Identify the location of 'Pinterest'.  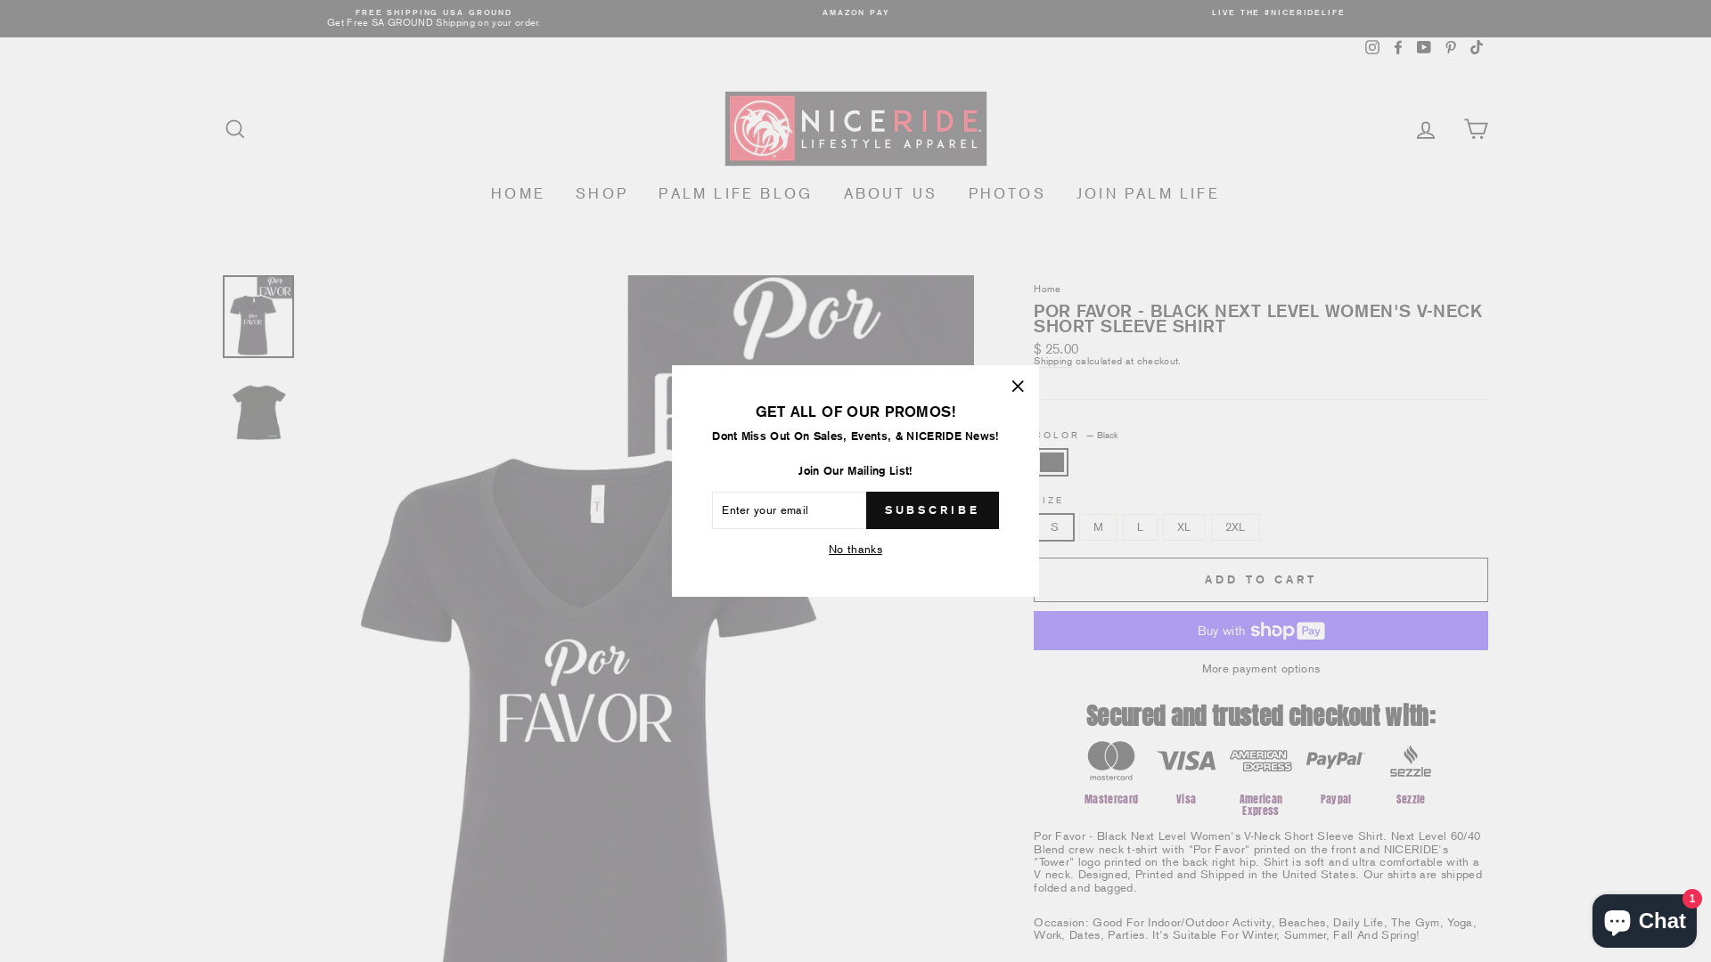
(1450, 47).